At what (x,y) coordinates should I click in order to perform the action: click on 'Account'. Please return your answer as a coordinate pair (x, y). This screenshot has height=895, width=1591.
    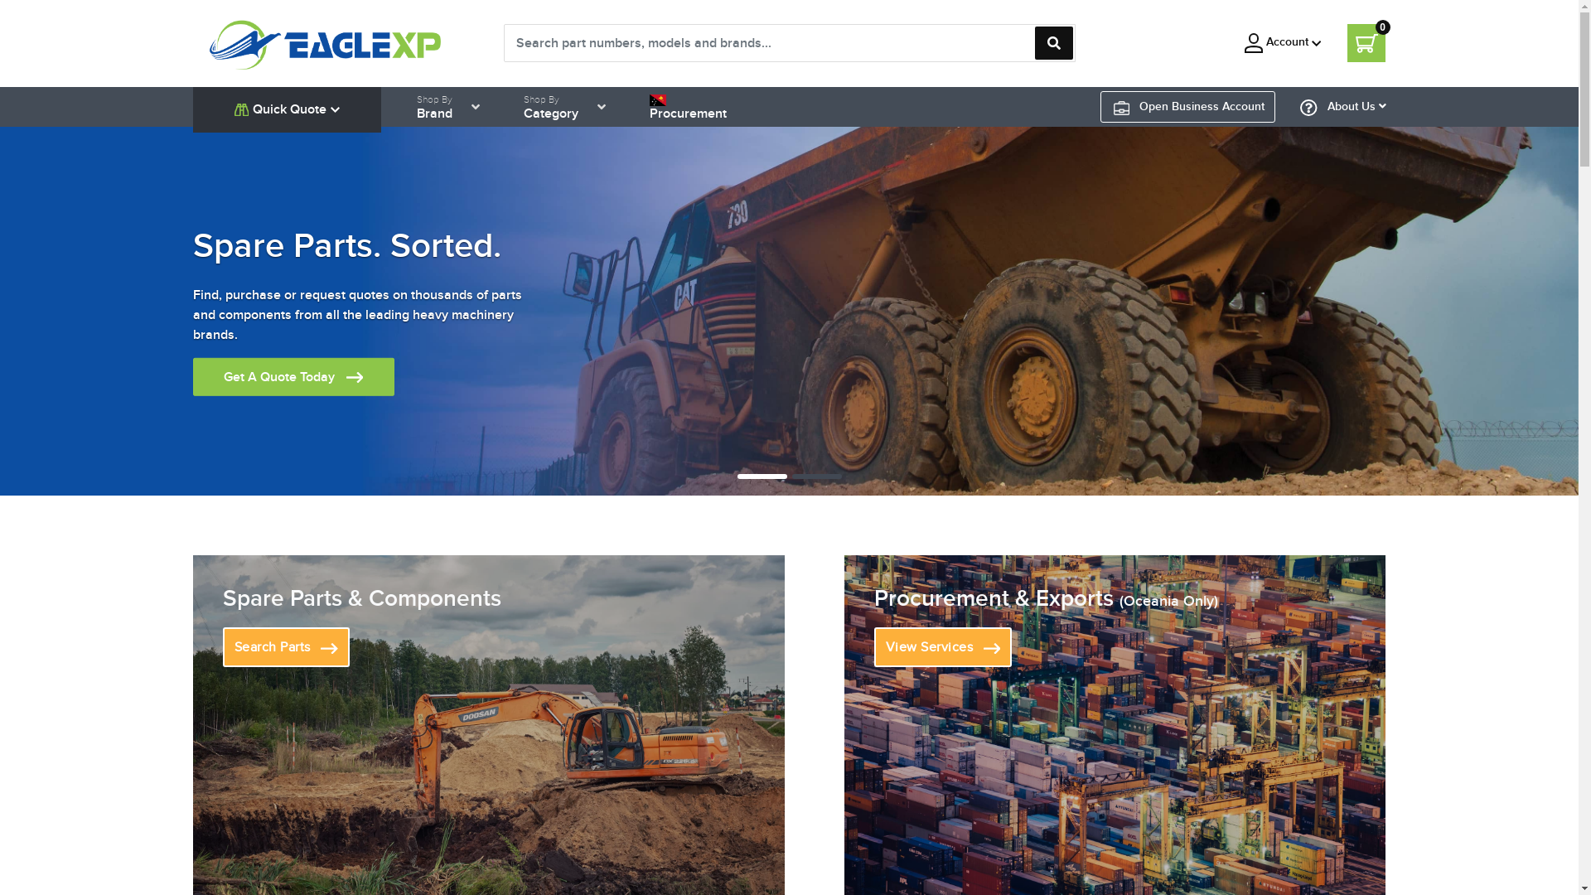
    Looking at the image, I should click on (1282, 41).